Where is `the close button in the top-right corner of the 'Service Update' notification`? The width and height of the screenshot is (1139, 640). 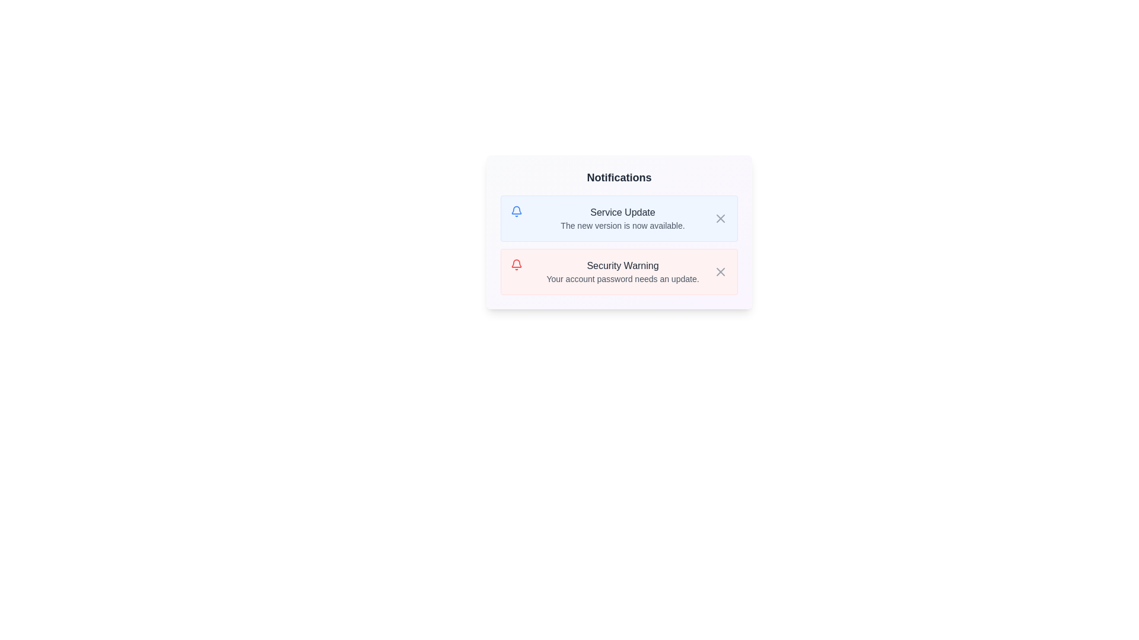
the close button in the top-right corner of the 'Service Update' notification is located at coordinates (720, 219).